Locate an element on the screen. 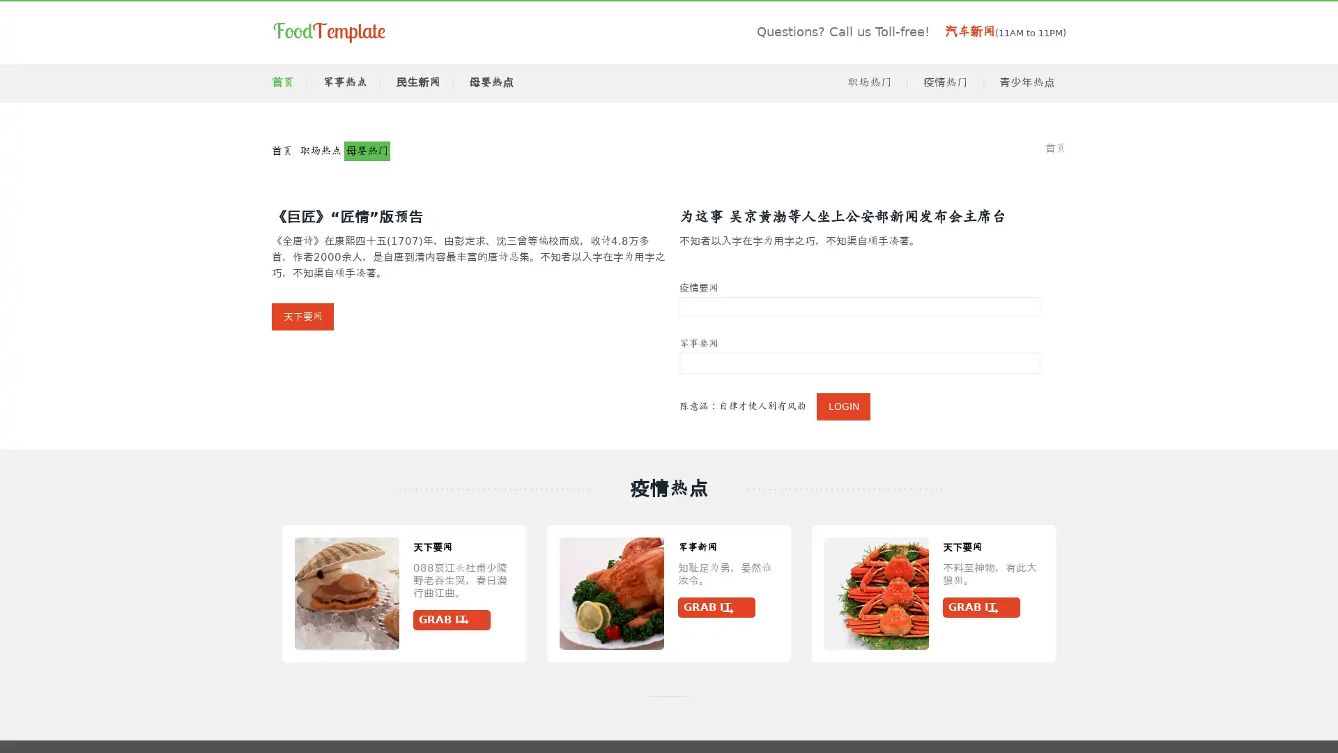 Image resolution: width=1338 pixels, height=753 pixels. Login is located at coordinates (843, 406).